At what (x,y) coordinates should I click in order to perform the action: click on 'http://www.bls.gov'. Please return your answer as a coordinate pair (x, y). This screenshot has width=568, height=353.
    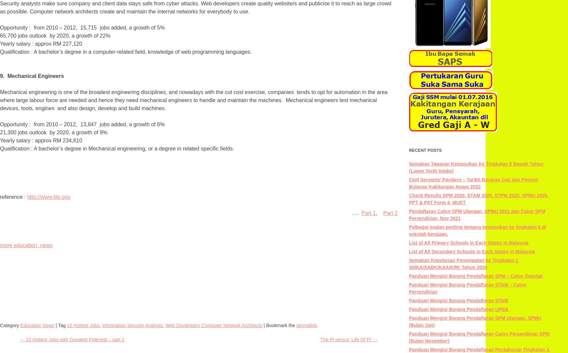
    Looking at the image, I should click on (48, 197).